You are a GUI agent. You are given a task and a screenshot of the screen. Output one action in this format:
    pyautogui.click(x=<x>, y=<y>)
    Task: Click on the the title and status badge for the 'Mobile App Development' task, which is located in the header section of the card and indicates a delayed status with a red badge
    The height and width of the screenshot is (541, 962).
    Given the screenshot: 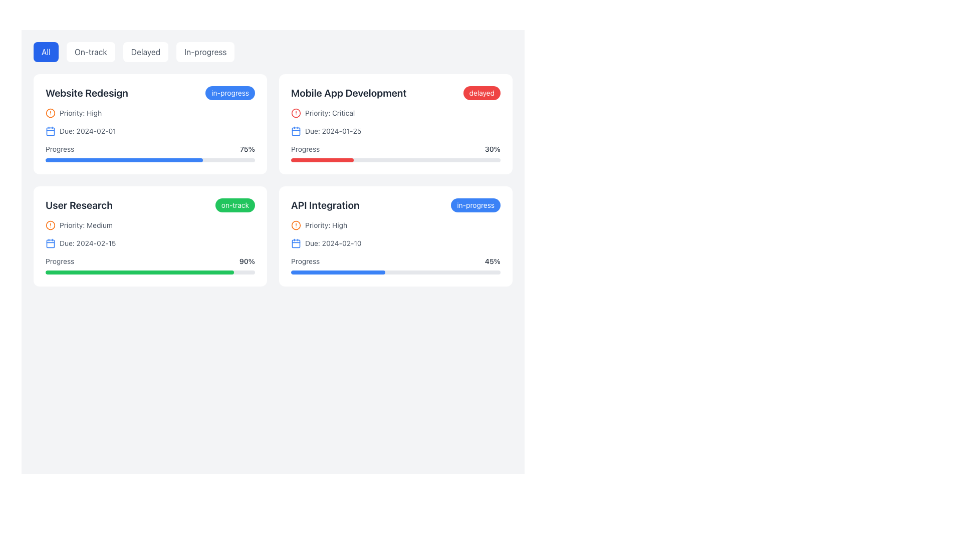 What is the action you would take?
    pyautogui.click(x=395, y=93)
    